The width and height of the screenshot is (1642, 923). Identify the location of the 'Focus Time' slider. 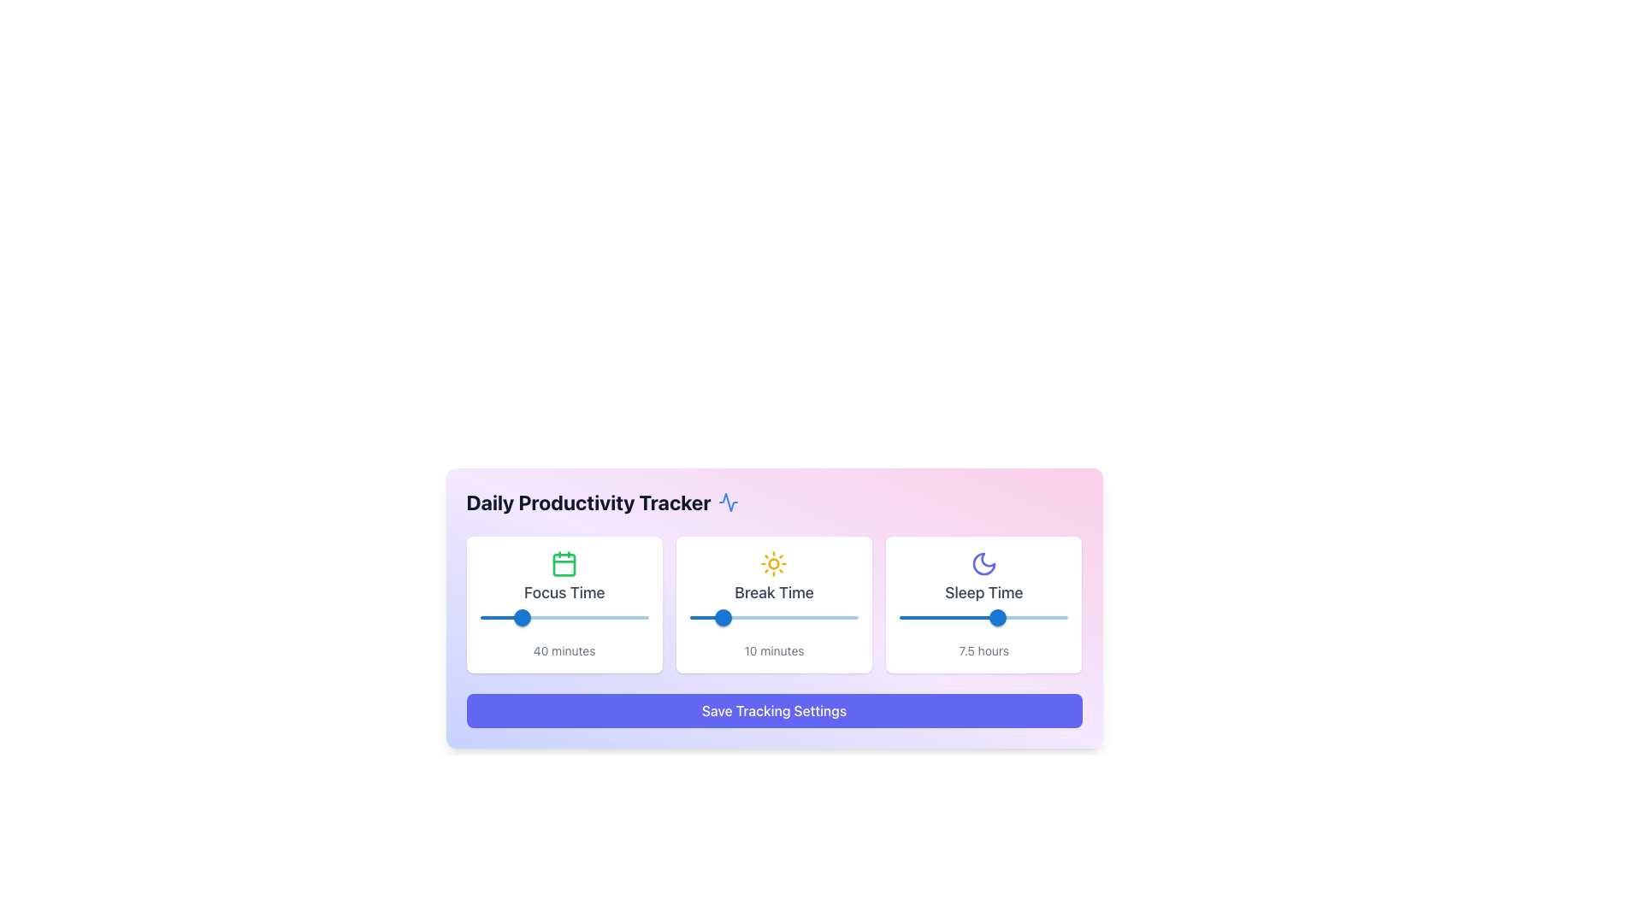
(564, 615).